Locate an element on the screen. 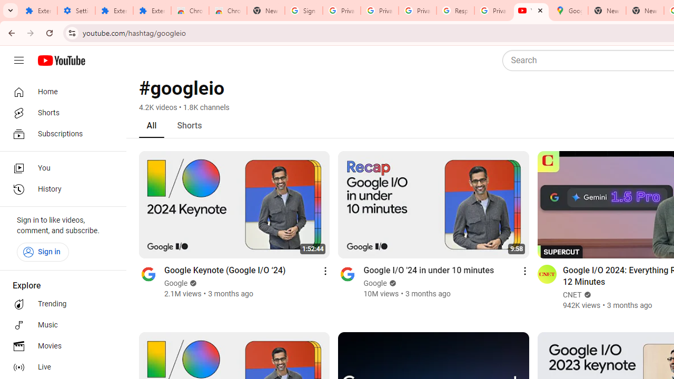 This screenshot has width=674, height=379. 'Chrome Web Store - Themes' is located at coordinates (227, 11).